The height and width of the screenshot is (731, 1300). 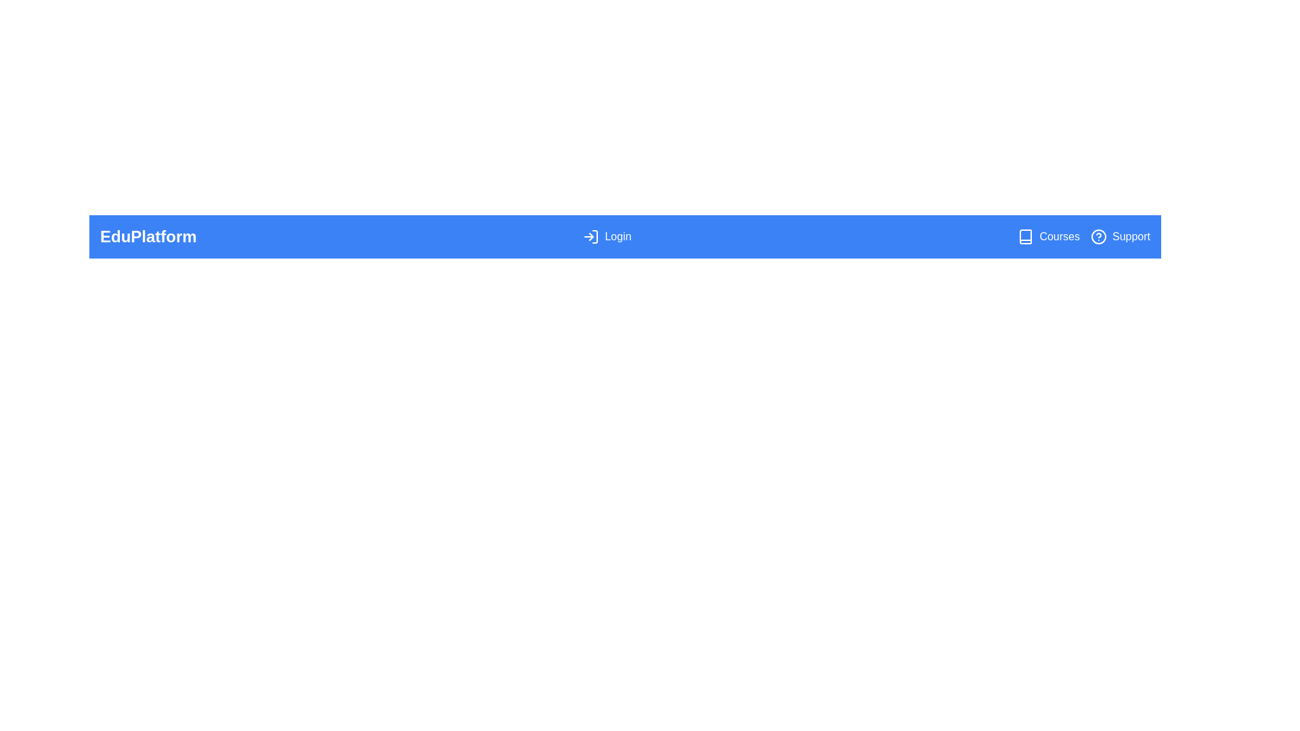 I want to click on the navigational link located in the top-right area of the interface, to the left of the 'Support' link, so click(x=1048, y=236).